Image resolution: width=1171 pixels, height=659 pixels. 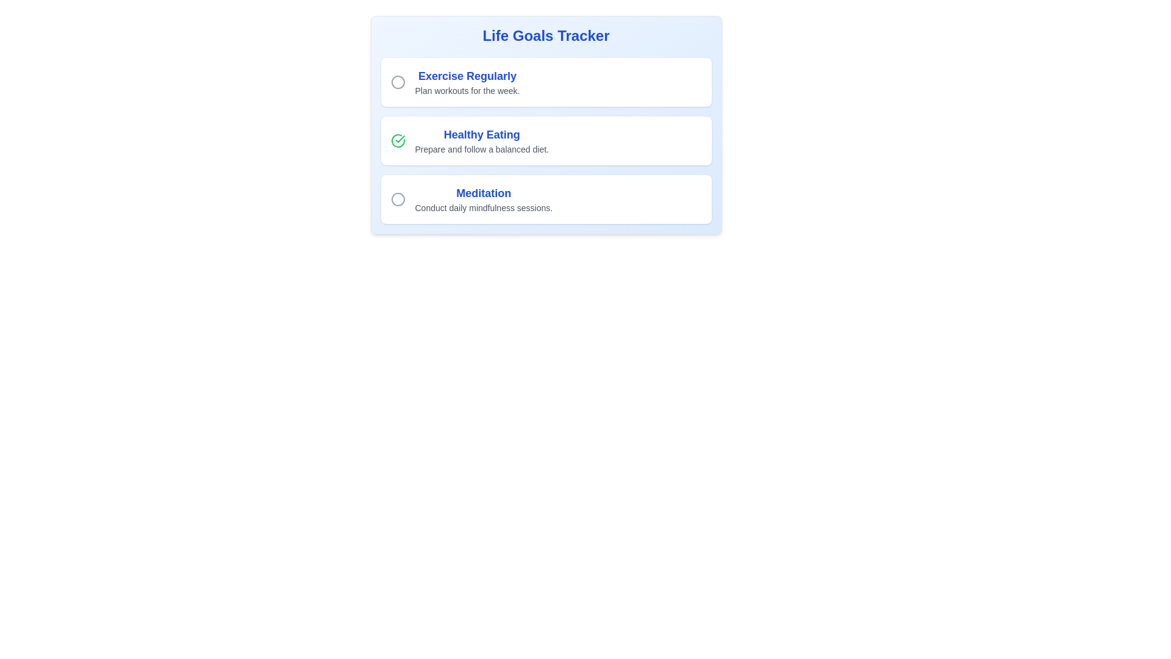 What do you see at coordinates (467, 76) in the screenshot?
I see `the task details of 'Exercise Regularly'` at bounding box center [467, 76].